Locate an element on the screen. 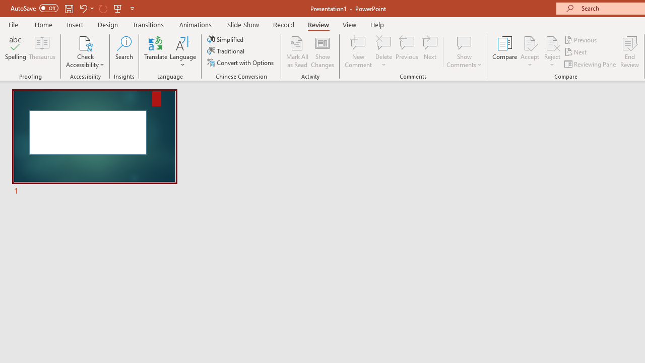 This screenshot has height=363, width=645. 'Check Accessibility' is located at coordinates (85, 52).